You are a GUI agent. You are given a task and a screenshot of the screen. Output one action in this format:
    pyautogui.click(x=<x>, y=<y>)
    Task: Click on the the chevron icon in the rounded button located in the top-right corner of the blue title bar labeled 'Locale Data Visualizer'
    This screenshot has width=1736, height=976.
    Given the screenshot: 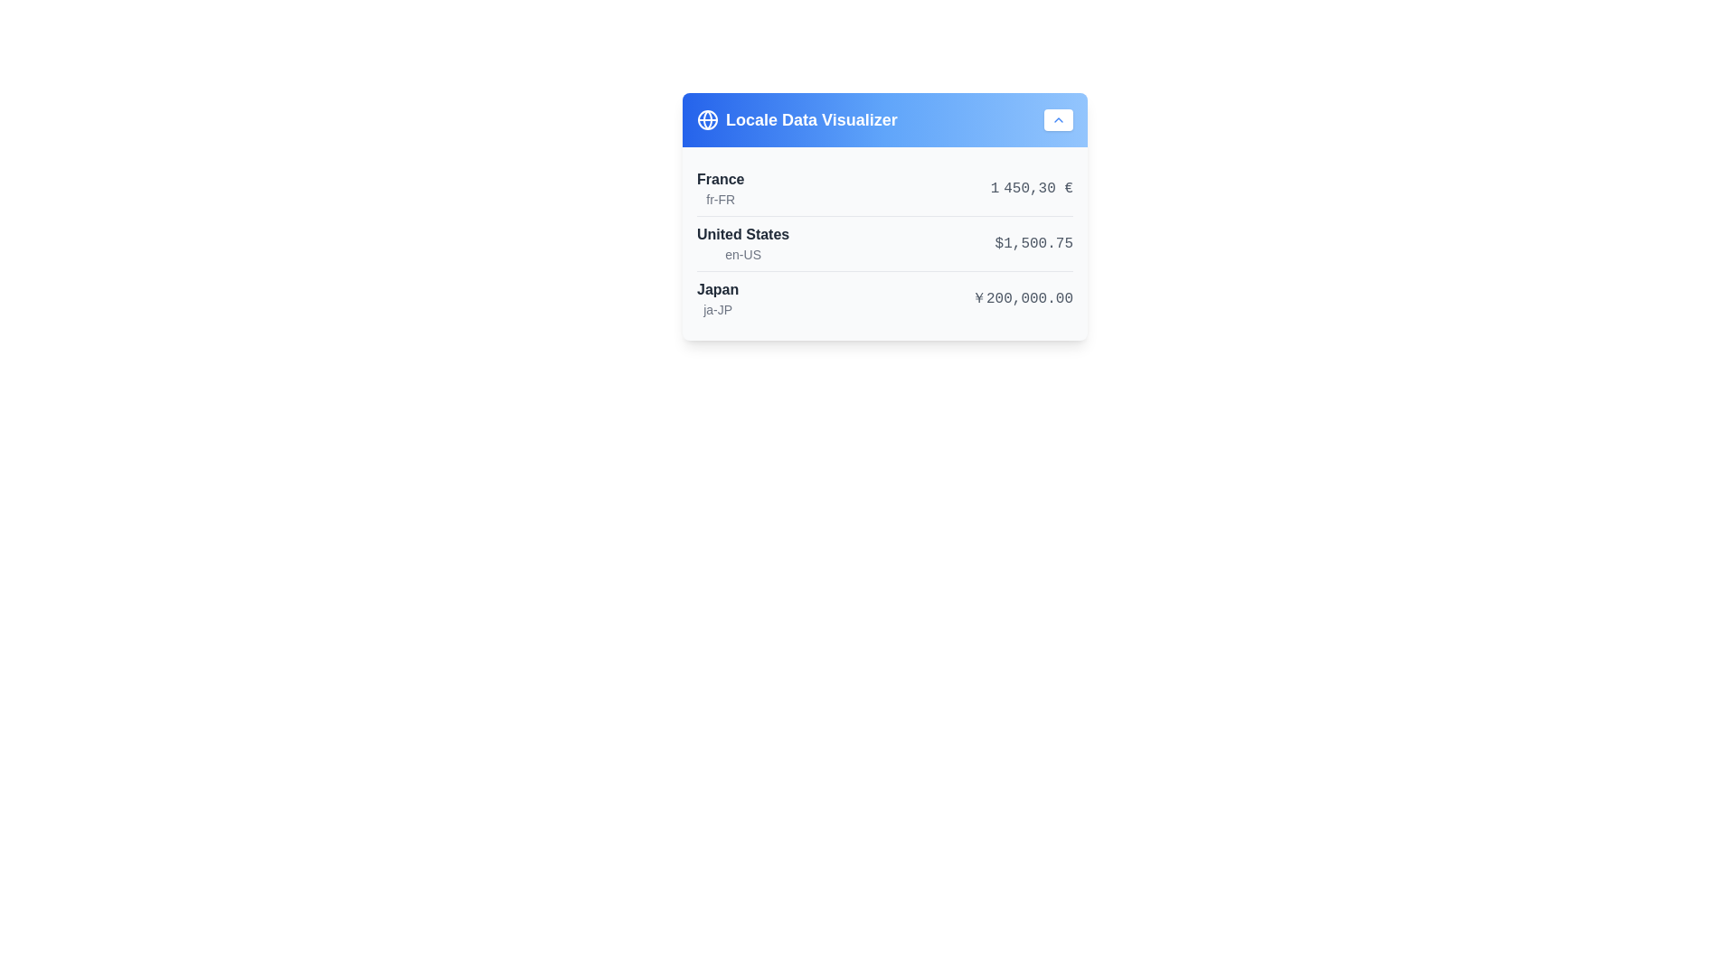 What is the action you would take?
    pyautogui.click(x=1059, y=119)
    